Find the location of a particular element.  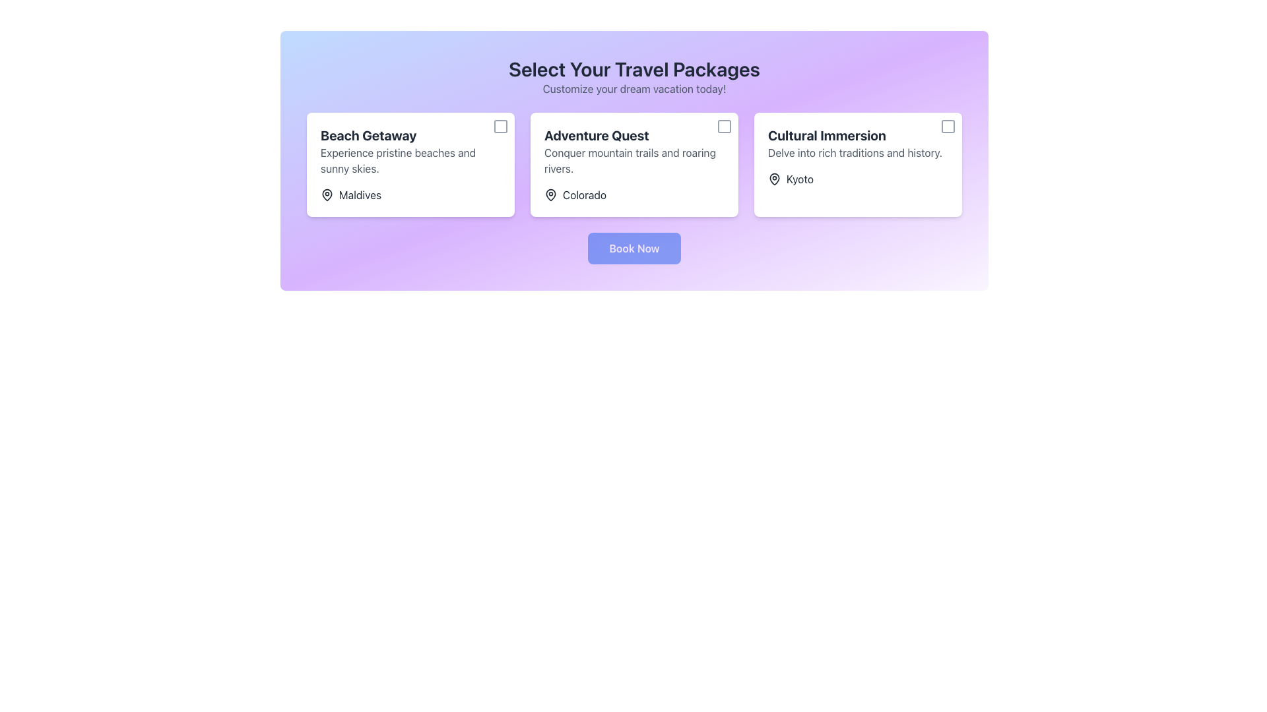

the location icon representing 'Maldives' situated in the bottom-left corner of the leftmost card in a row of three cards is located at coordinates (327, 194).